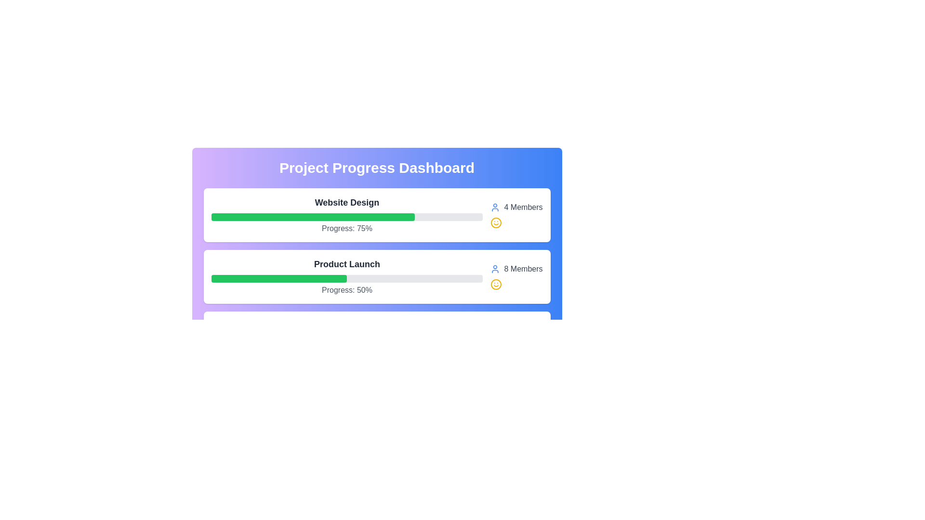 The height and width of the screenshot is (520, 925). Describe the element at coordinates (495, 207) in the screenshot. I see `the icon located to the left of the text '4 Members' within the card labeled 'Website Design', which serves as an indicator for a group of users associated with the project` at that location.